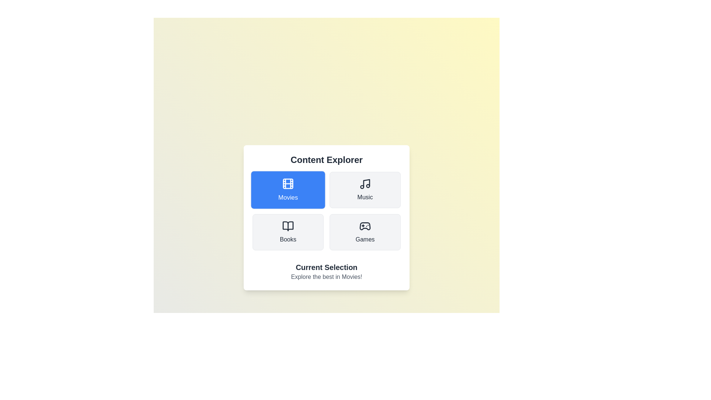 The height and width of the screenshot is (400, 711). Describe the element at coordinates (365, 190) in the screenshot. I see `the category Music by clicking on its button` at that location.